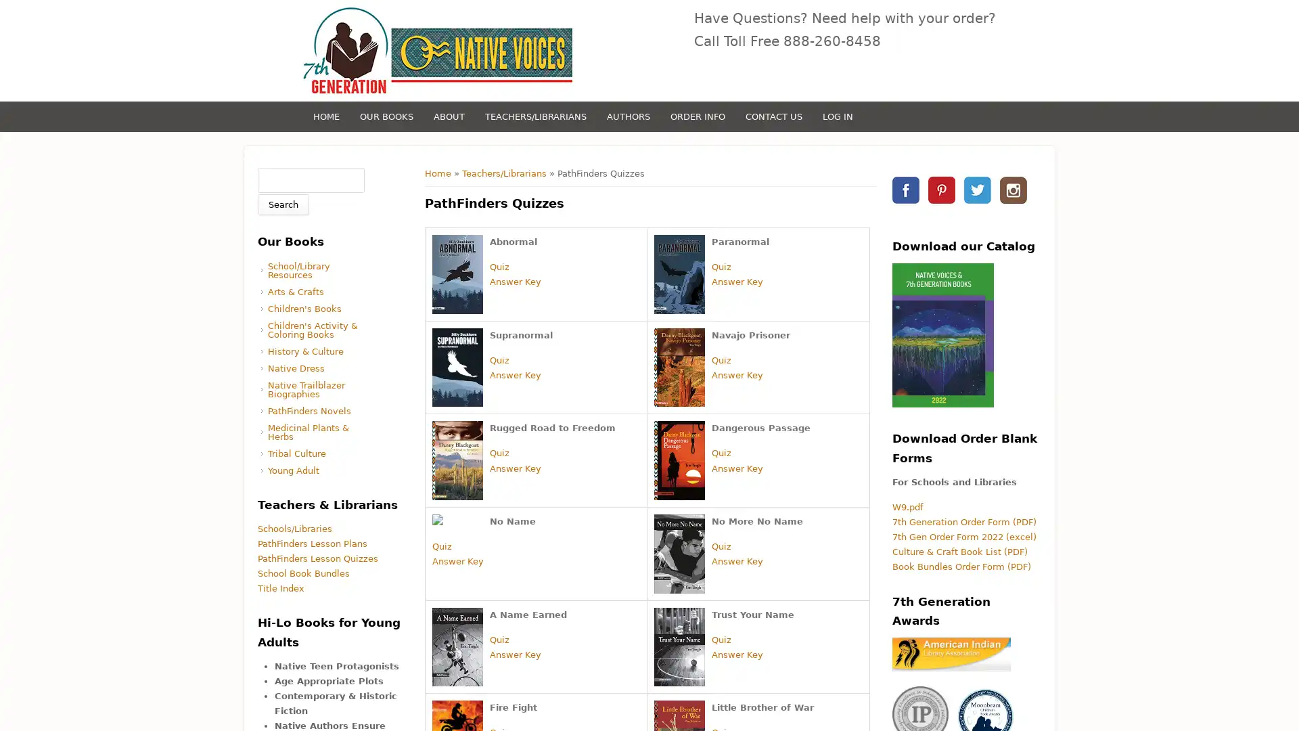 The width and height of the screenshot is (1299, 731). What do you see at coordinates (282, 204) in the screenshot?
I see `Search` at bounding box center [282, 204].